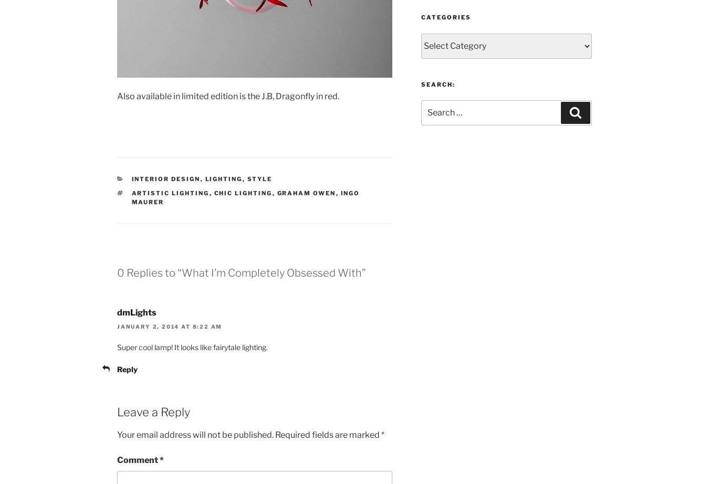  What do you see at coordinates (170, 192) in the screenshot?
I see `'Artistic Lighting'` at bounding box center [170, 192].